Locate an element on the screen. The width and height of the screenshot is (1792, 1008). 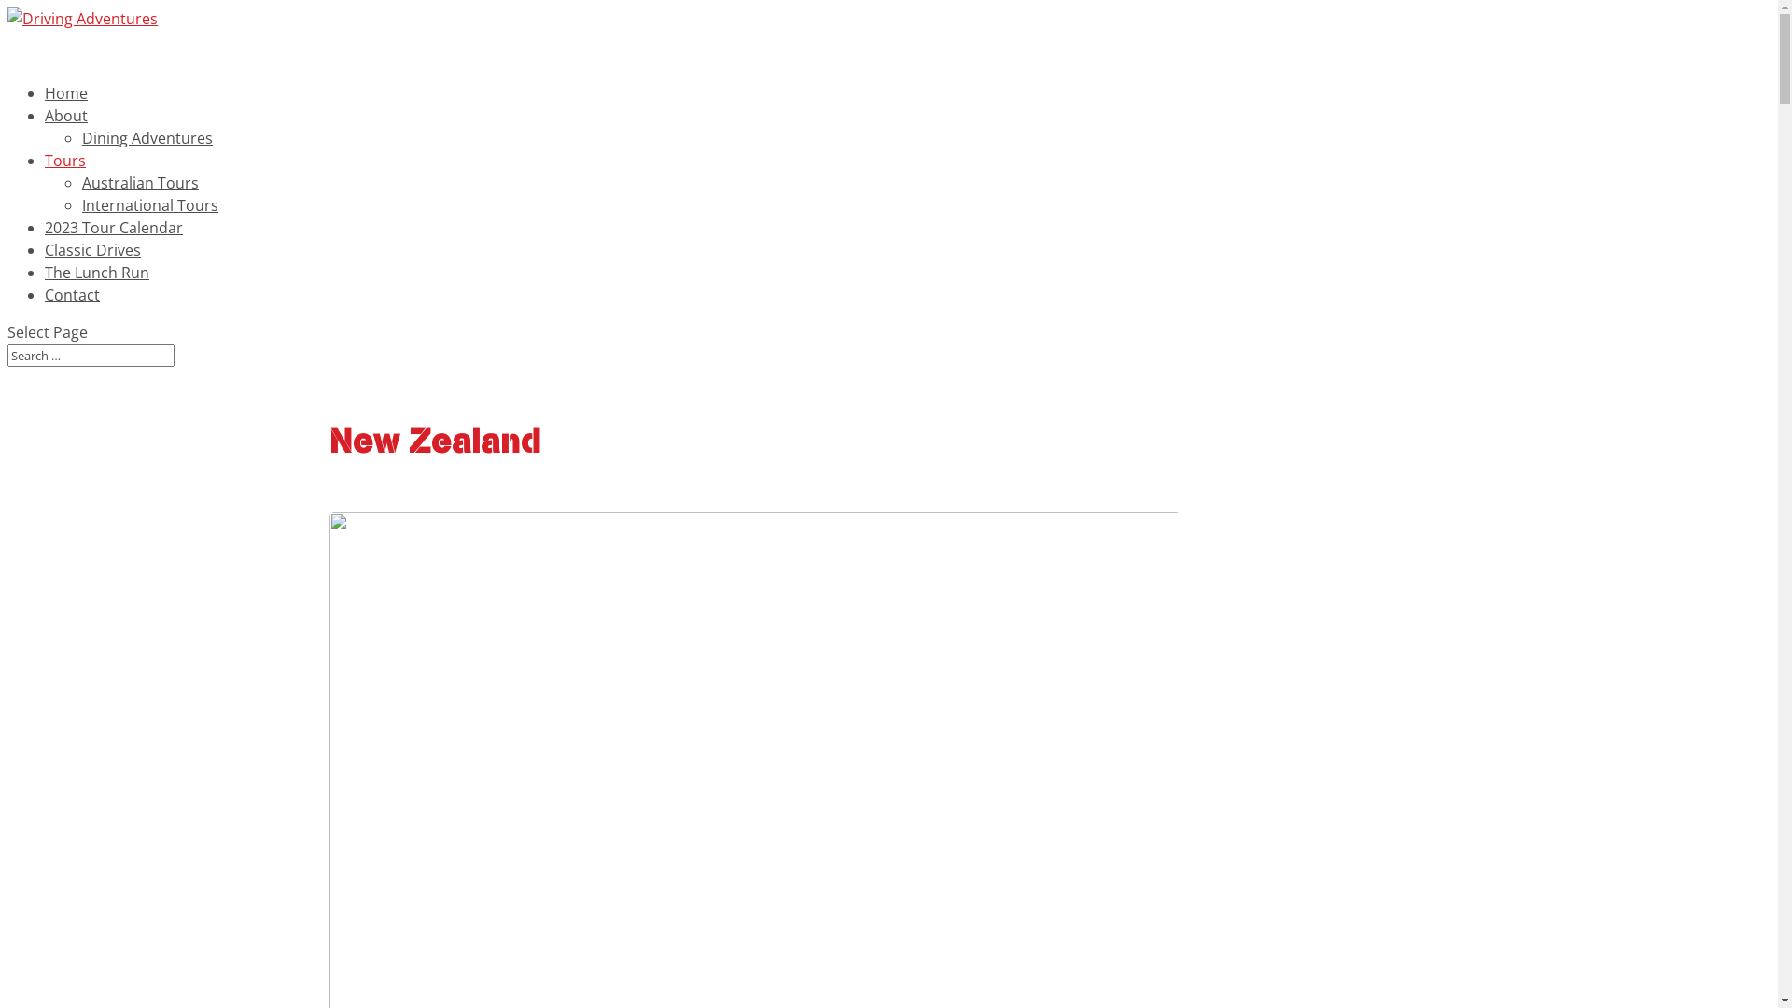
'Home' is located at coordinates (66, 111).